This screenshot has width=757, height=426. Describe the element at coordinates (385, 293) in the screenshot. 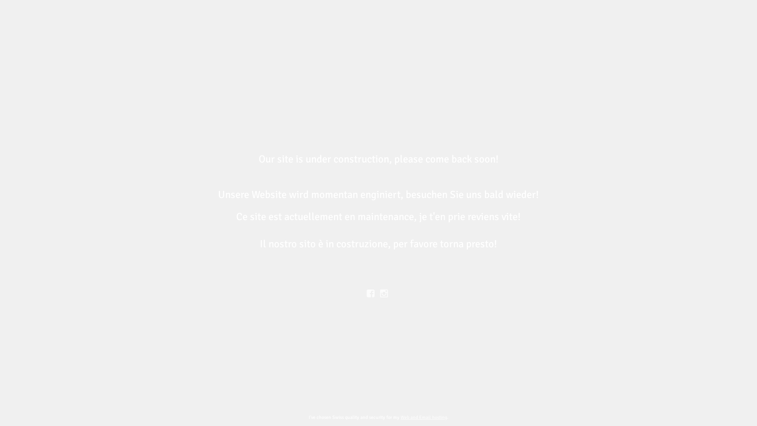

I see `'Instagram'` at that location.